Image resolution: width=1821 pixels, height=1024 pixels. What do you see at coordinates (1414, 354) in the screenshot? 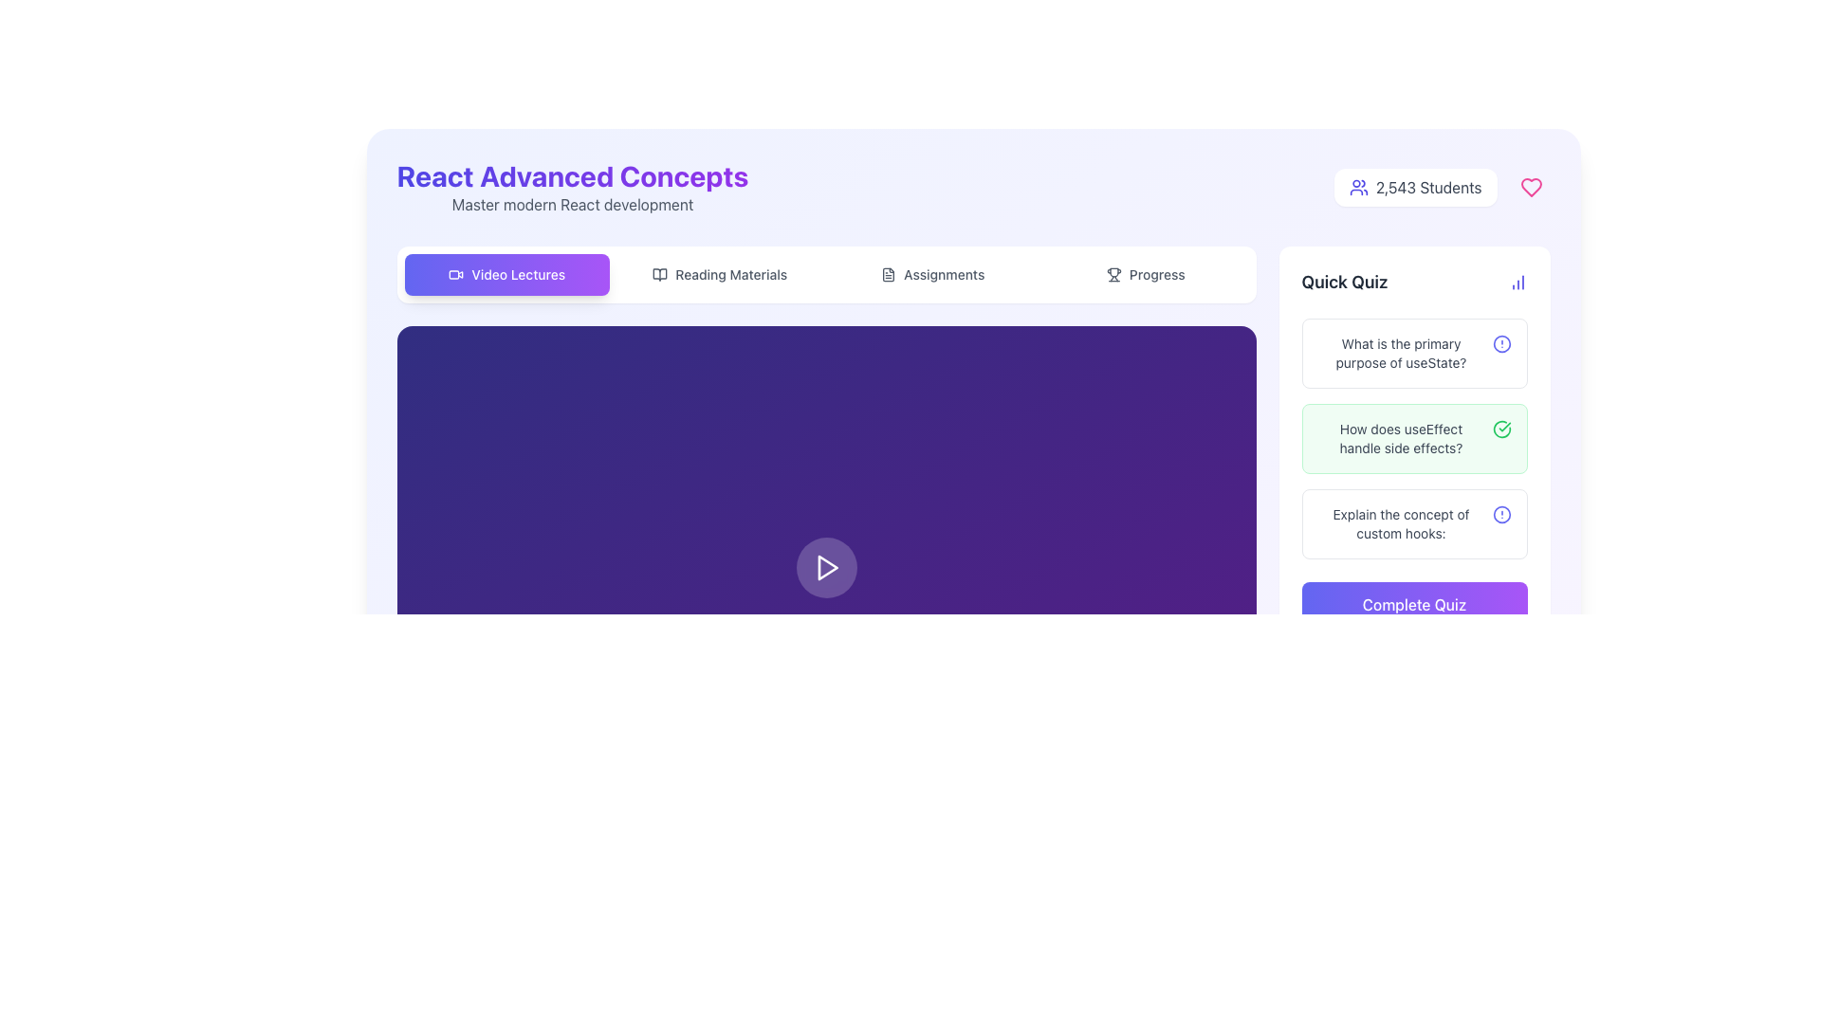
I see `the interactive quiz card containing the question 'What is the primary purpose of useState?' in the right sidebar under the 'Quick Quiz' section` at bounding box center [1414, 354].